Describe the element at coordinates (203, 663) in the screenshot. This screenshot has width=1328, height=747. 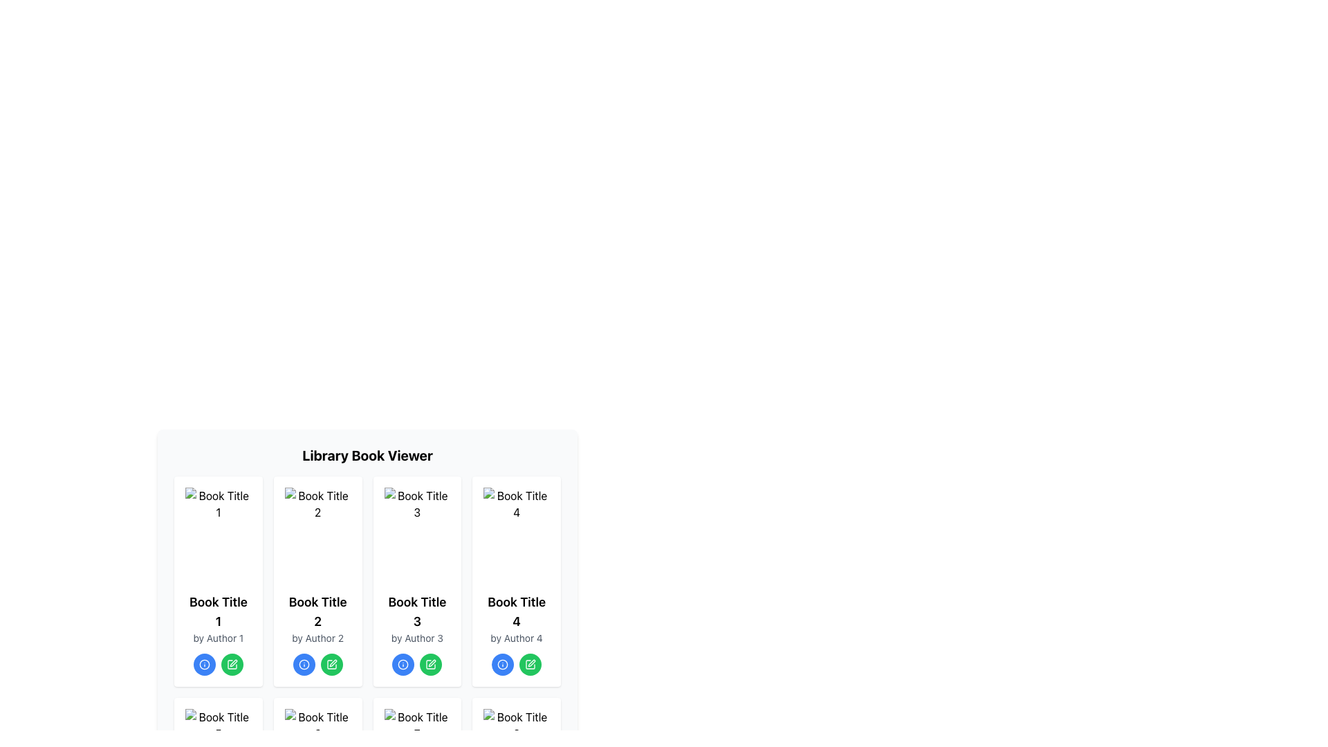
I see `the circular button with a blue background and white border that contains a white 'info' icon` at that location.